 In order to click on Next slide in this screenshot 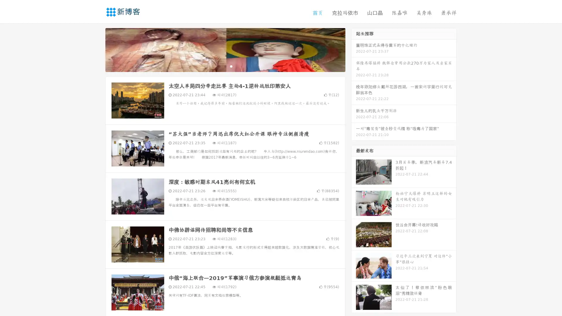, I will do `click(354, 49)`.